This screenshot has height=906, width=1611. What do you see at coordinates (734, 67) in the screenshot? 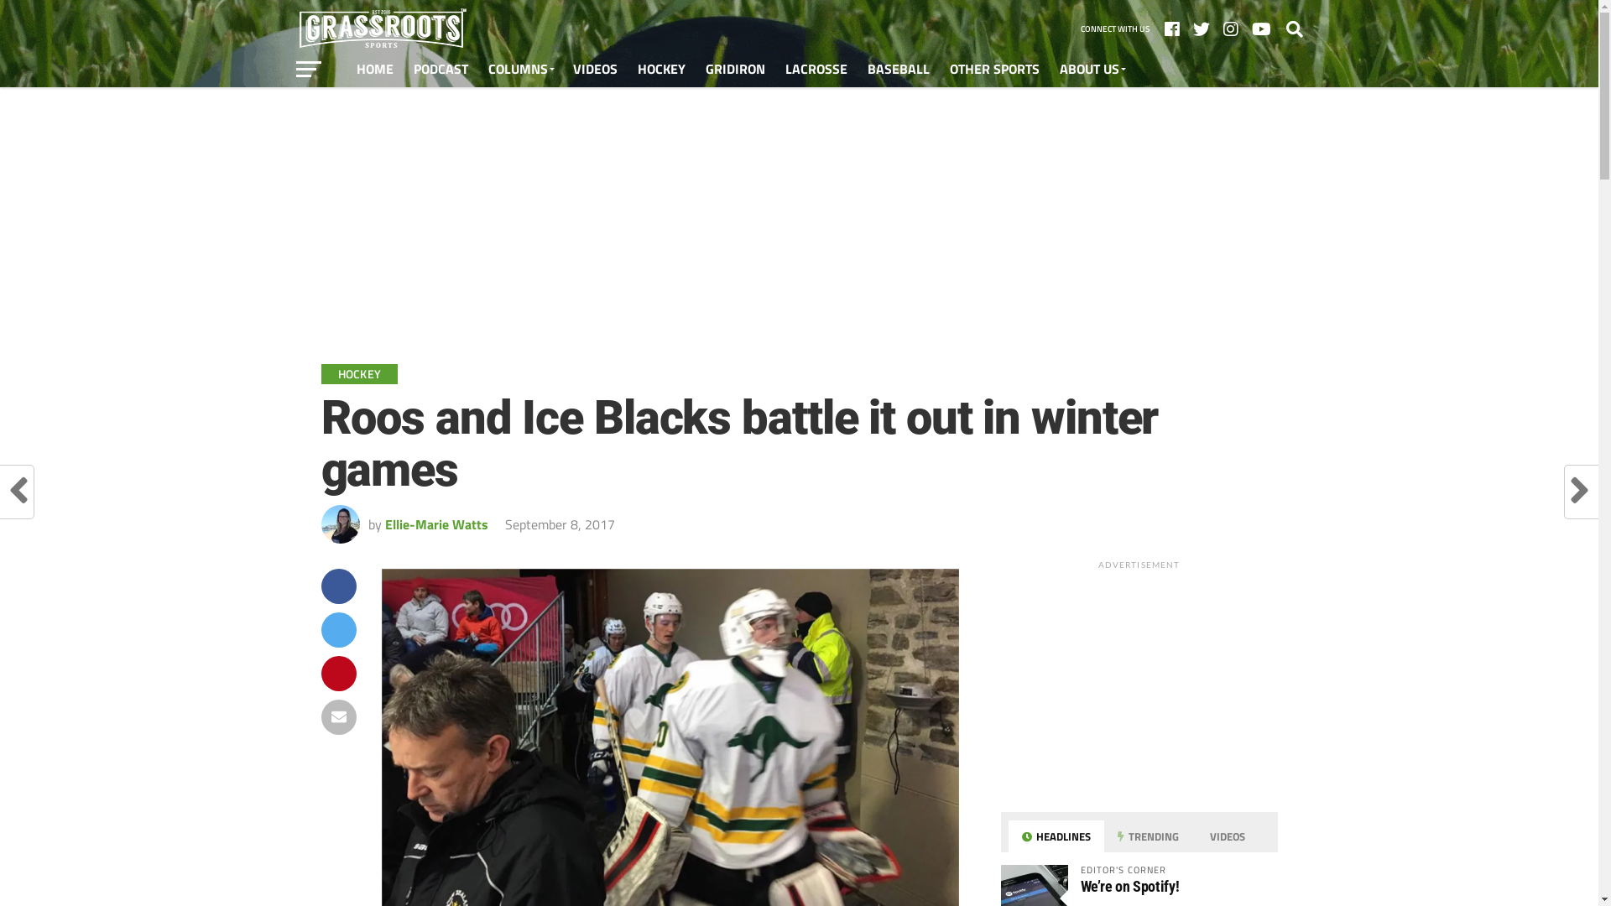
I see `'GRIDIRON'` at bounding box center [734, 67].